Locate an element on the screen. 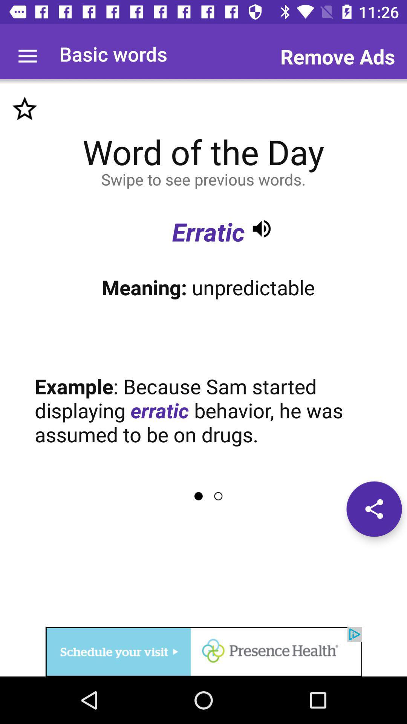 Image resolution: width=407 pixels, height=724 pixels. share the article is located at coordinates (374, 509).